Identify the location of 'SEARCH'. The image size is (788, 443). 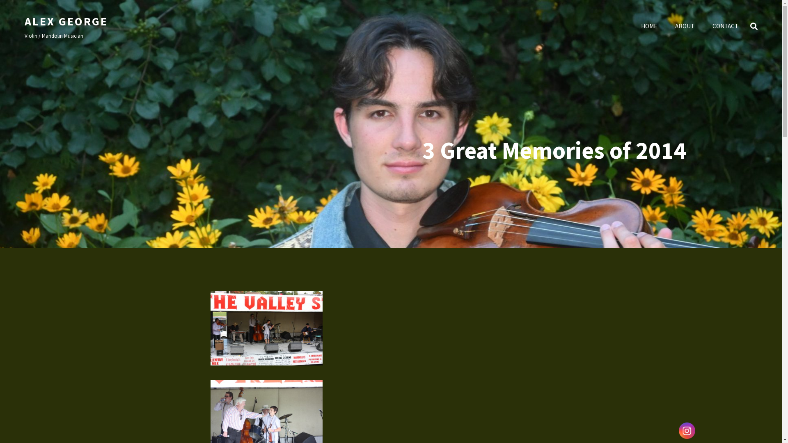
(754, 26).